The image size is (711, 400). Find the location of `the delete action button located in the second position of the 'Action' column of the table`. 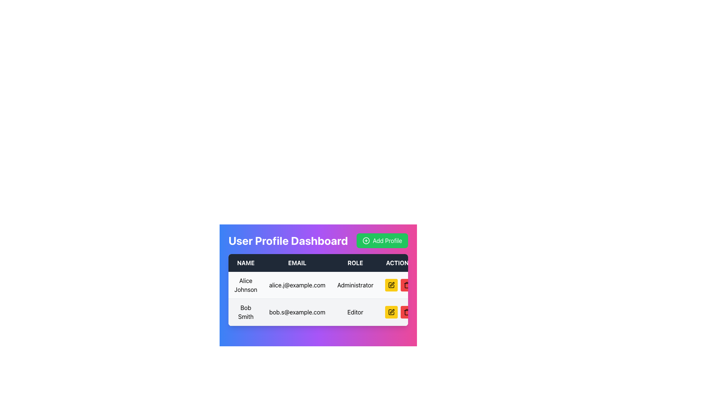

the delete action button located in the second position of the 'Action' column of the table is located at coordinates (407, 285).